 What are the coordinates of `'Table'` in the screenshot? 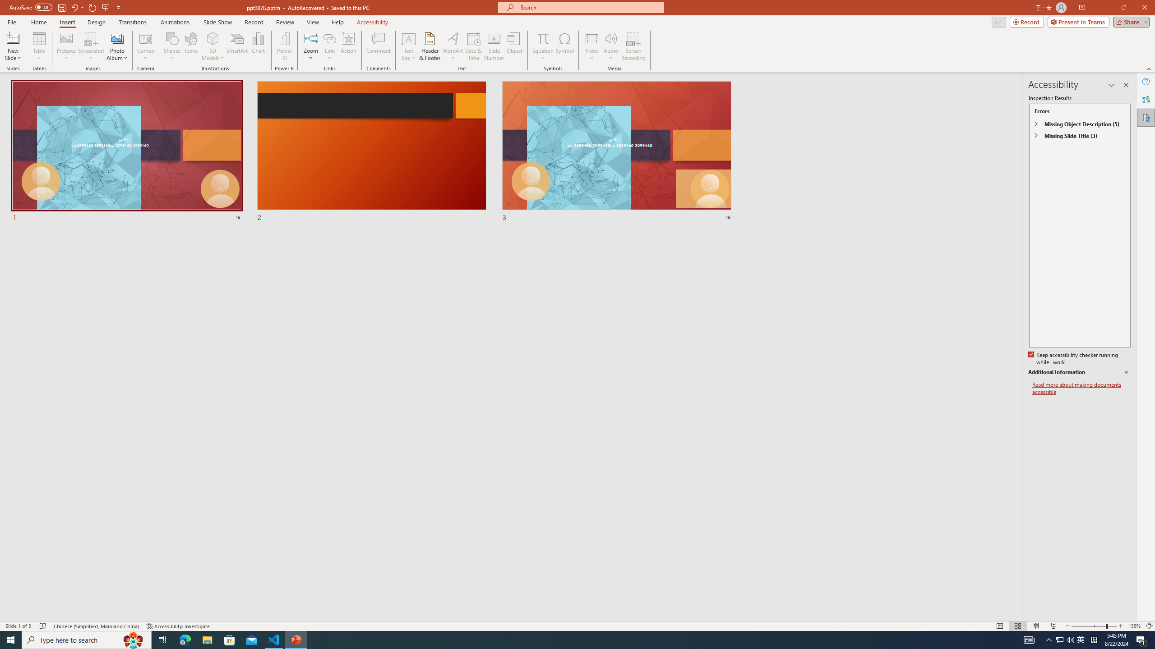 It's located at (39, 46).